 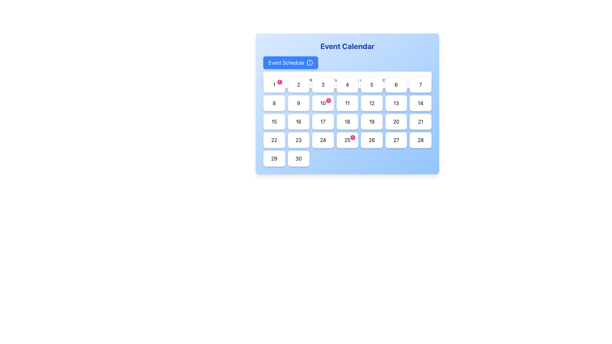 What do you see at coordinates (328, 100) in the screenshot?
I see `the Notification Badge located at the top-right corner of the box numbered '10' in the calendar interface to indicate an important event` at bounding box center [328, 100].